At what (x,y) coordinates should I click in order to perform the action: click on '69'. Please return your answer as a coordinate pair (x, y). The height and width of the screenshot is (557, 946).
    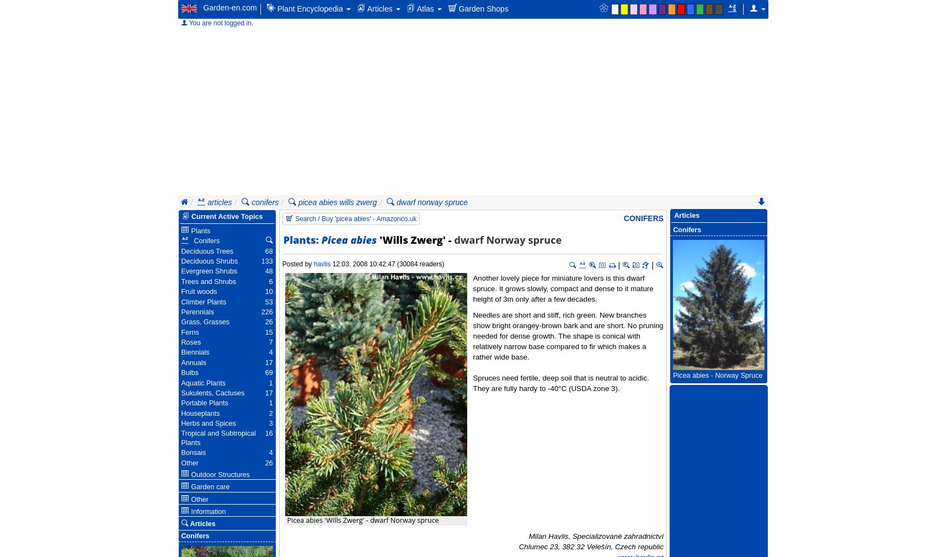
    Looking at the image, I should click on (269, 372).